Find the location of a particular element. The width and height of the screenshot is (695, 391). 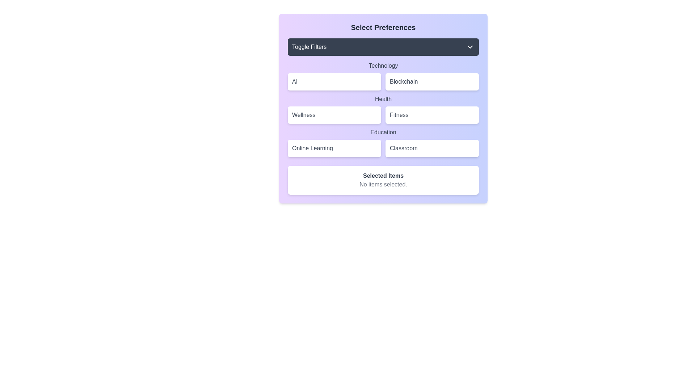

the text label displaying 'No items selected.' which is located directly below the title 'Selected Items.' is located at coordinates (383, 184).